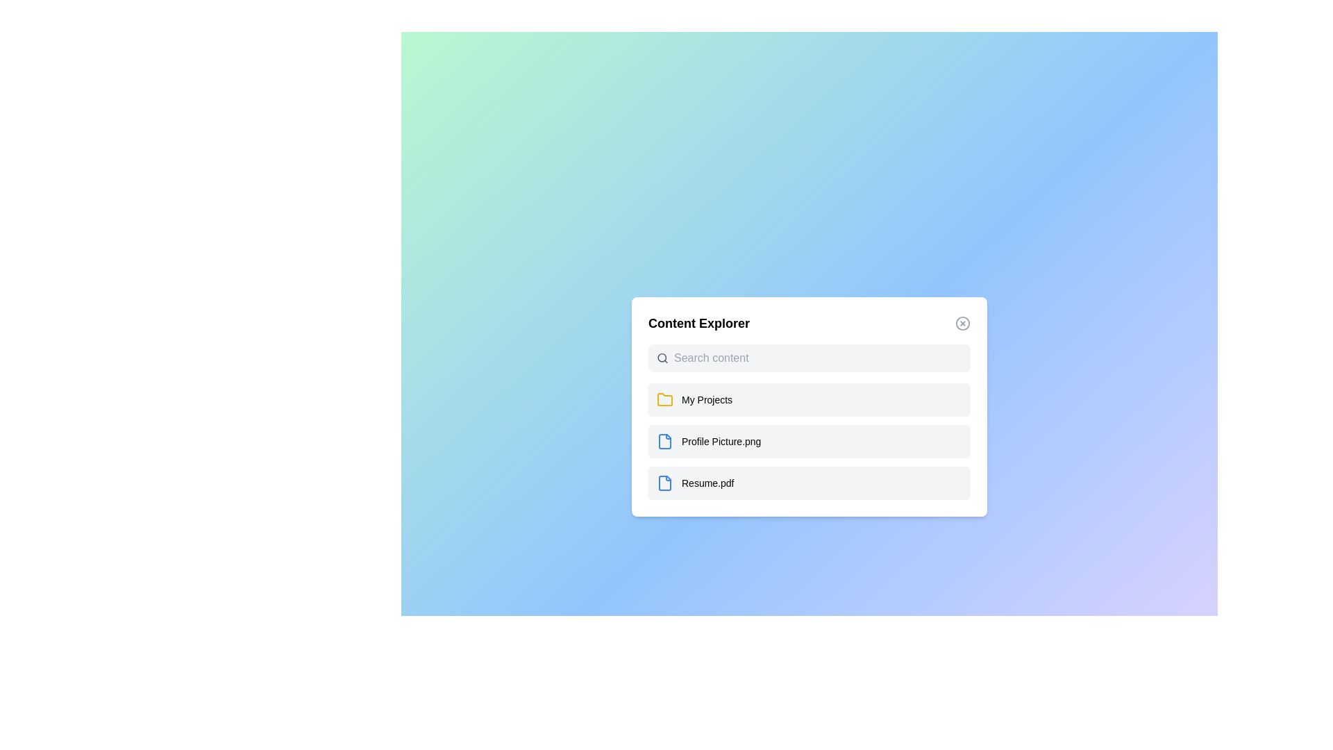 Image resolution: width=1333 pixels, height=750 pixels. What do you see at coordinates (810, 482) in the screenshot?
I see `the content item Resume.pdf from the list` at bounding box center [810, 482].